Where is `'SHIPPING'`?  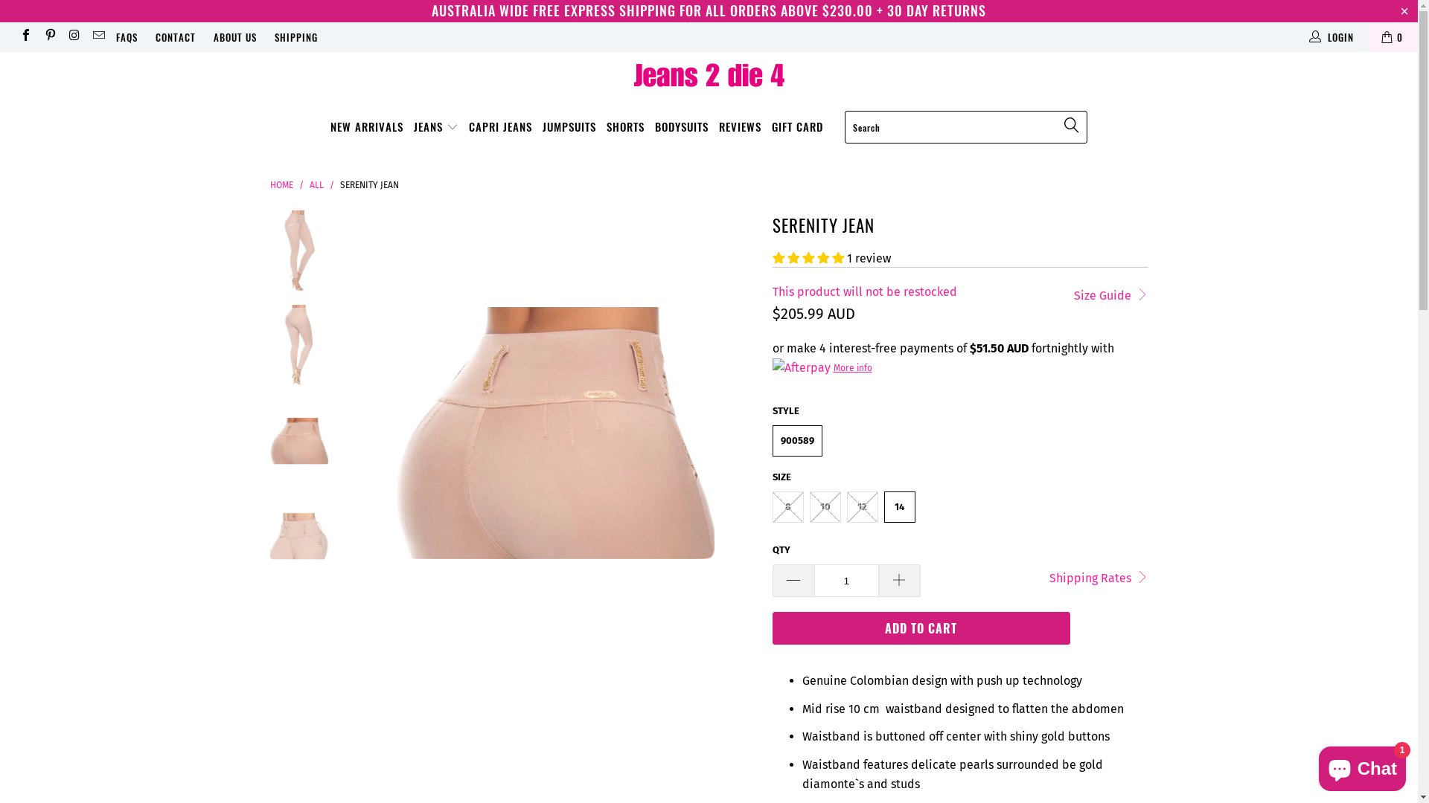 'SHIPPING' is located at coordinates (296, 36).